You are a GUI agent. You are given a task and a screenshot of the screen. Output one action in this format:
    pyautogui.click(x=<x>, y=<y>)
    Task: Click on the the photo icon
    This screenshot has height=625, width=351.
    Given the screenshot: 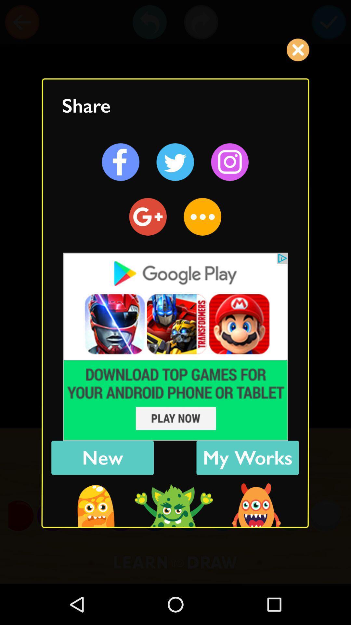 What is the action you would take?
    pyautogui.click(x=229, y=162)
    